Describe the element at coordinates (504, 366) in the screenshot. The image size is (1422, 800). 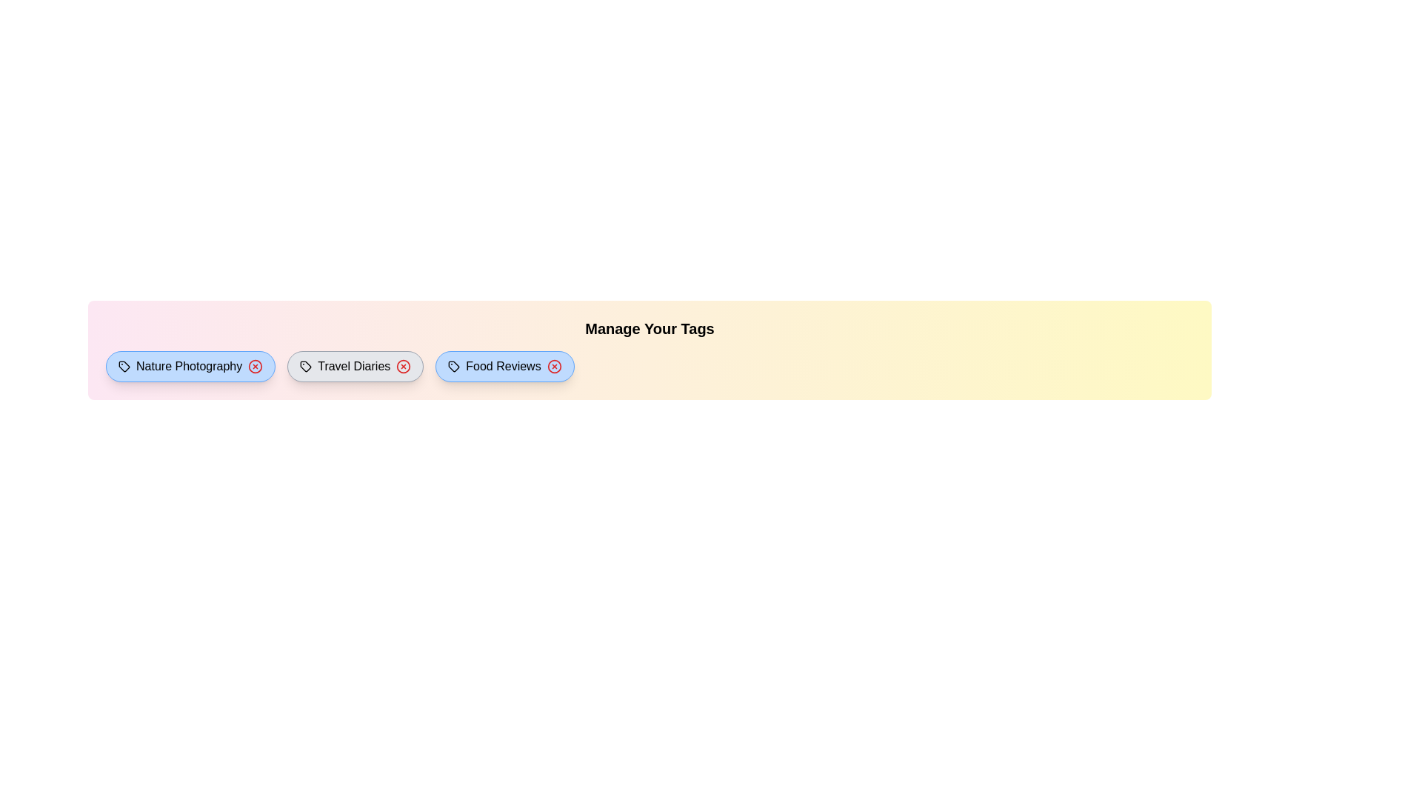
I see `the tag labeled 'Food Reviews' by clicking on it` at that location.